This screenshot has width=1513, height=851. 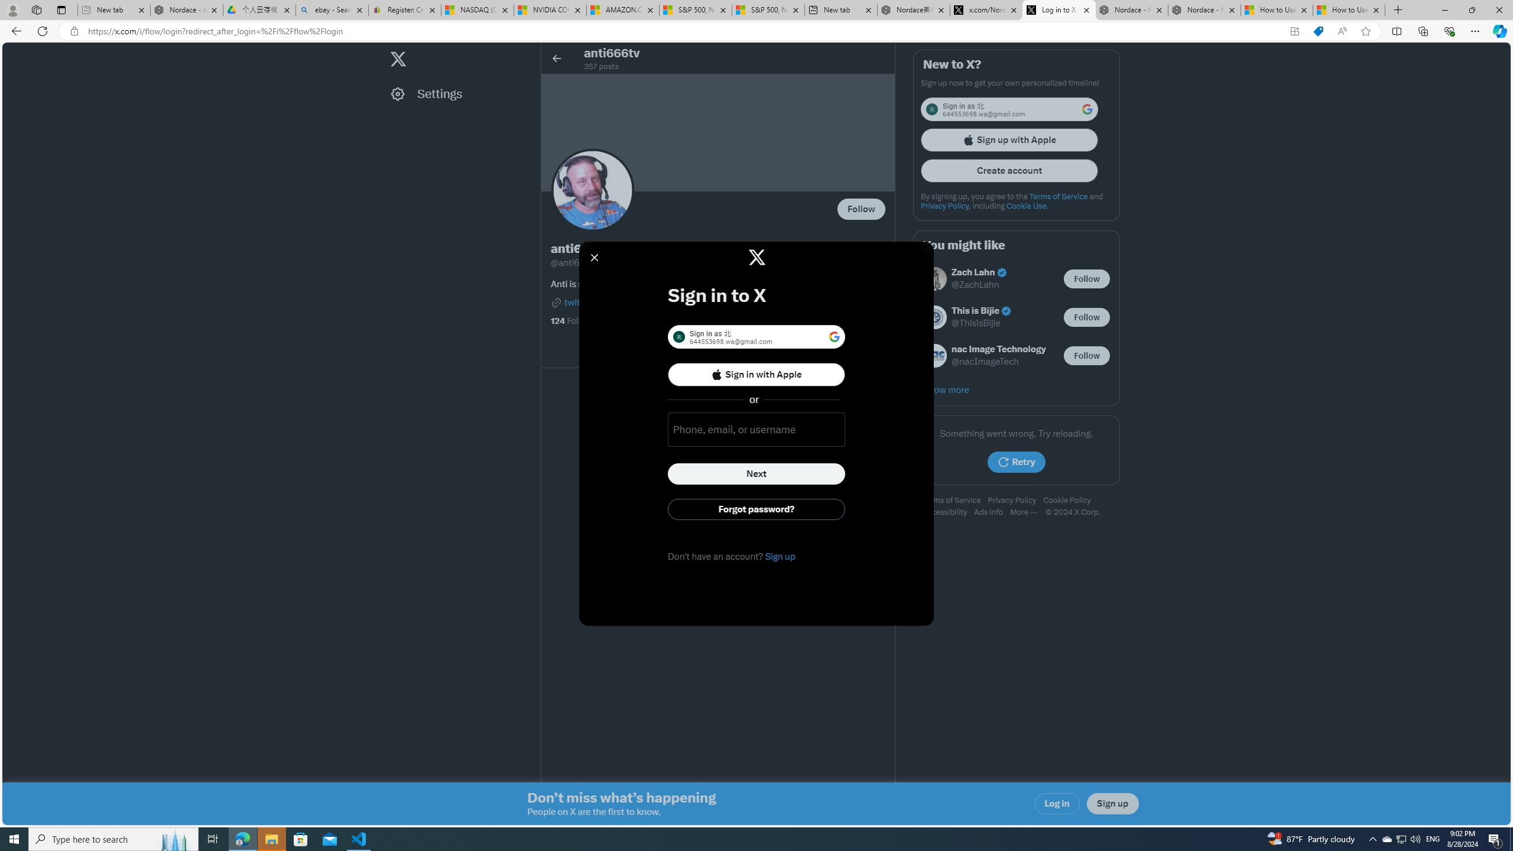 I want to click on 'Register: Create a personal eBay account', so click(x=404, y=9).